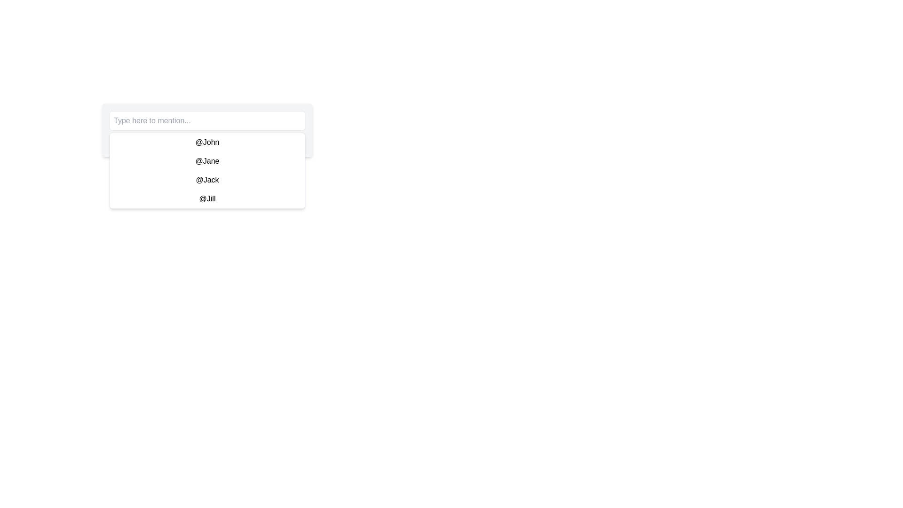 The image size is (903, 508). I want to click on to select the text label '@Jill' which is the fourth item in the dropdown menu, displayed in a sans-serif font style and black color, so click(207, 198).